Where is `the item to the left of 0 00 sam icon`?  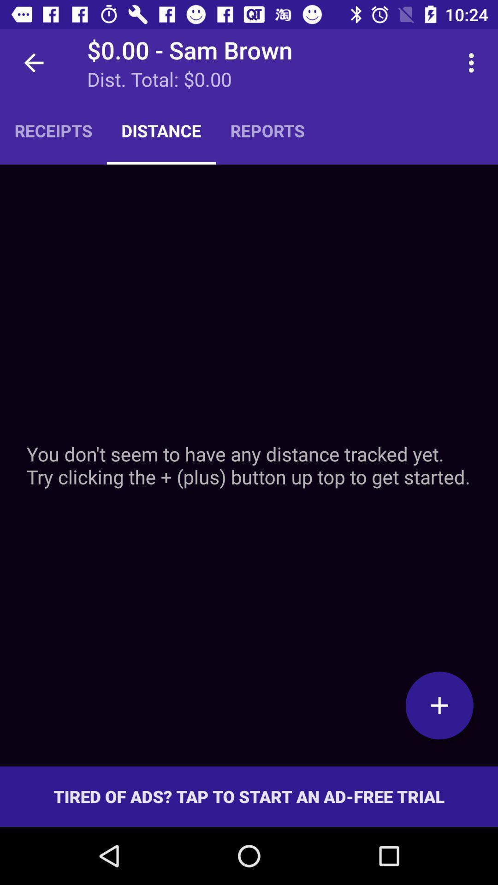
the item to the left of 0 00 sam icon is located at coordinates (33, 62).